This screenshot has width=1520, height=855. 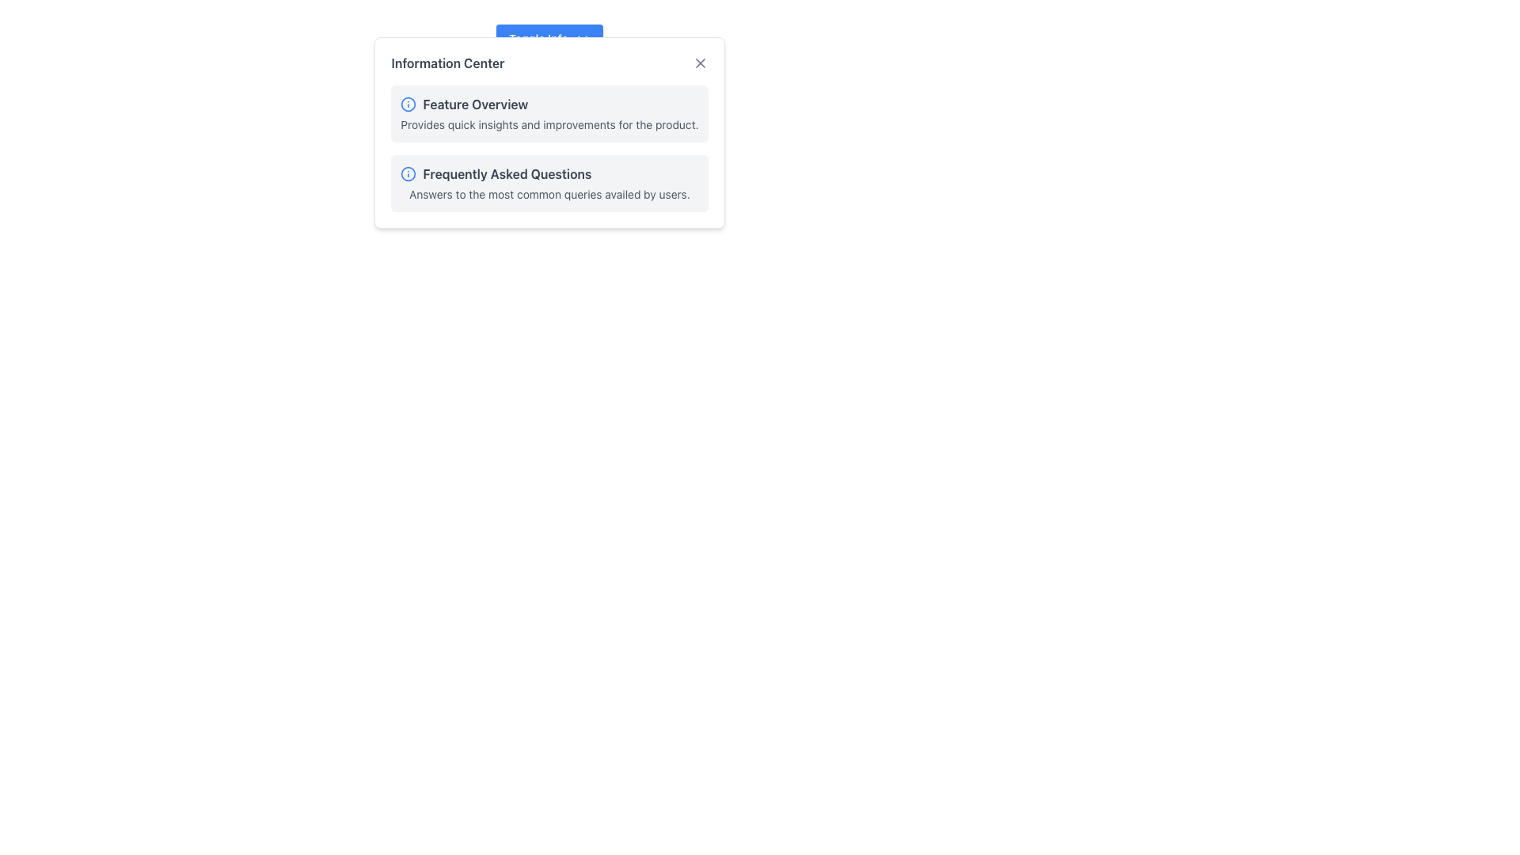 I want to click on the title text label located at the top-left corner of the modal, which serves as an informational component, so click(x=446, y=63).